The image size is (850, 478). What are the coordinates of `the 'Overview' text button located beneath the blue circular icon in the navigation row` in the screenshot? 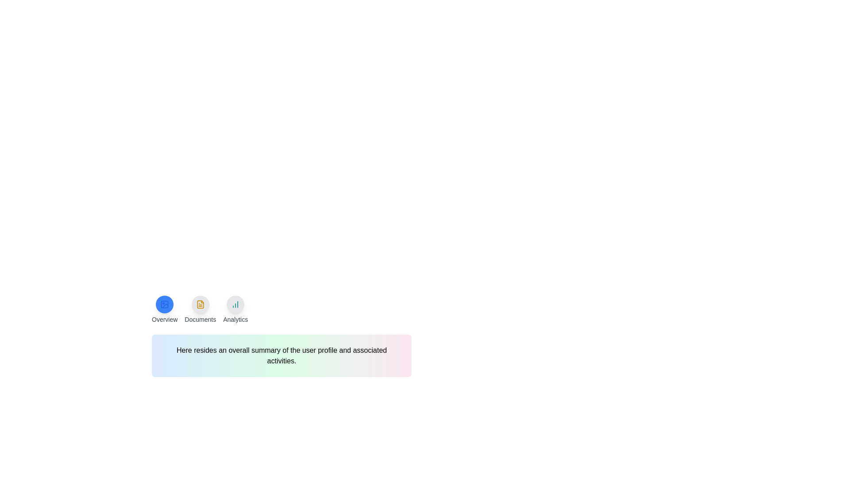 It's located at (165, 309).